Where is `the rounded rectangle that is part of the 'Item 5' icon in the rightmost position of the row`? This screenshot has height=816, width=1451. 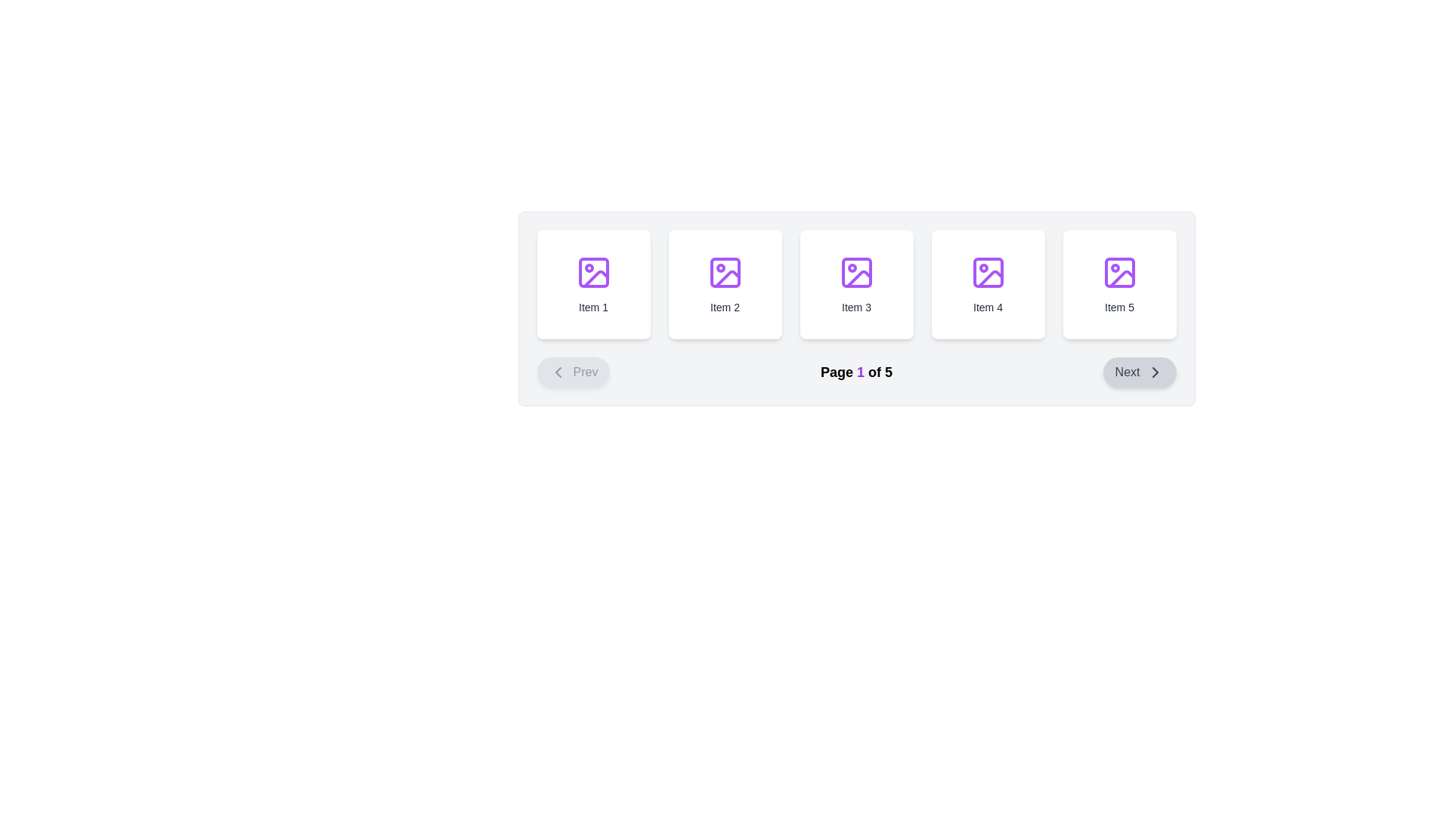
the rounded rectangle that is part of the 'Item 5' icon in the rightmost position of the row is located at coordinates (1119, 273).